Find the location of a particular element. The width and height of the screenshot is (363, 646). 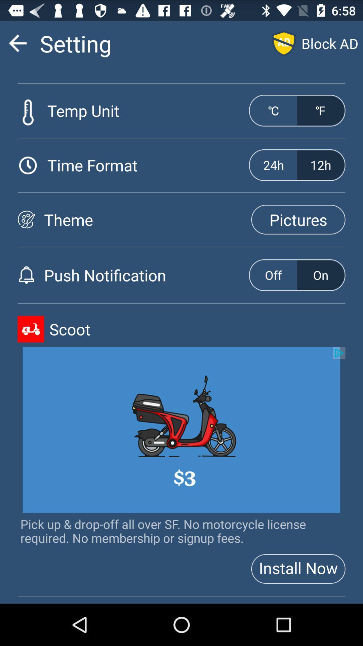

bell icon is located at coordinates (26, 275).